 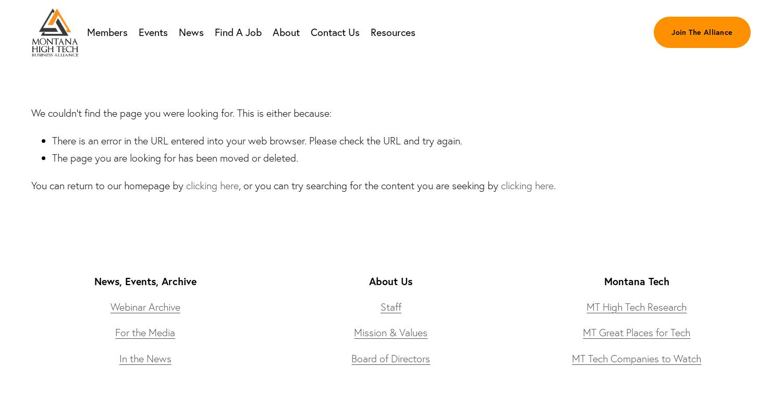 What do you see at coordinates (554, 185) in the screenshot?
I see `'.'` at bounding box center [554, 185].